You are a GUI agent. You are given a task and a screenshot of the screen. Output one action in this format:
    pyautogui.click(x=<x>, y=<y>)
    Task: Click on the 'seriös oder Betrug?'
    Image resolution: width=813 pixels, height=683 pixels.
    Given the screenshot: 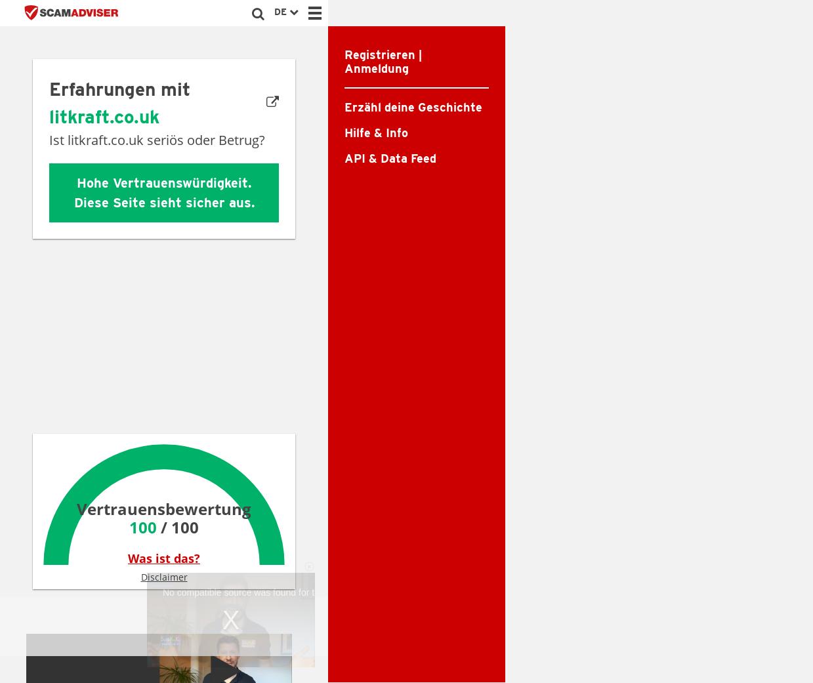 What is the action you would take?
    pyautogui.click(x=204, y=139)
    